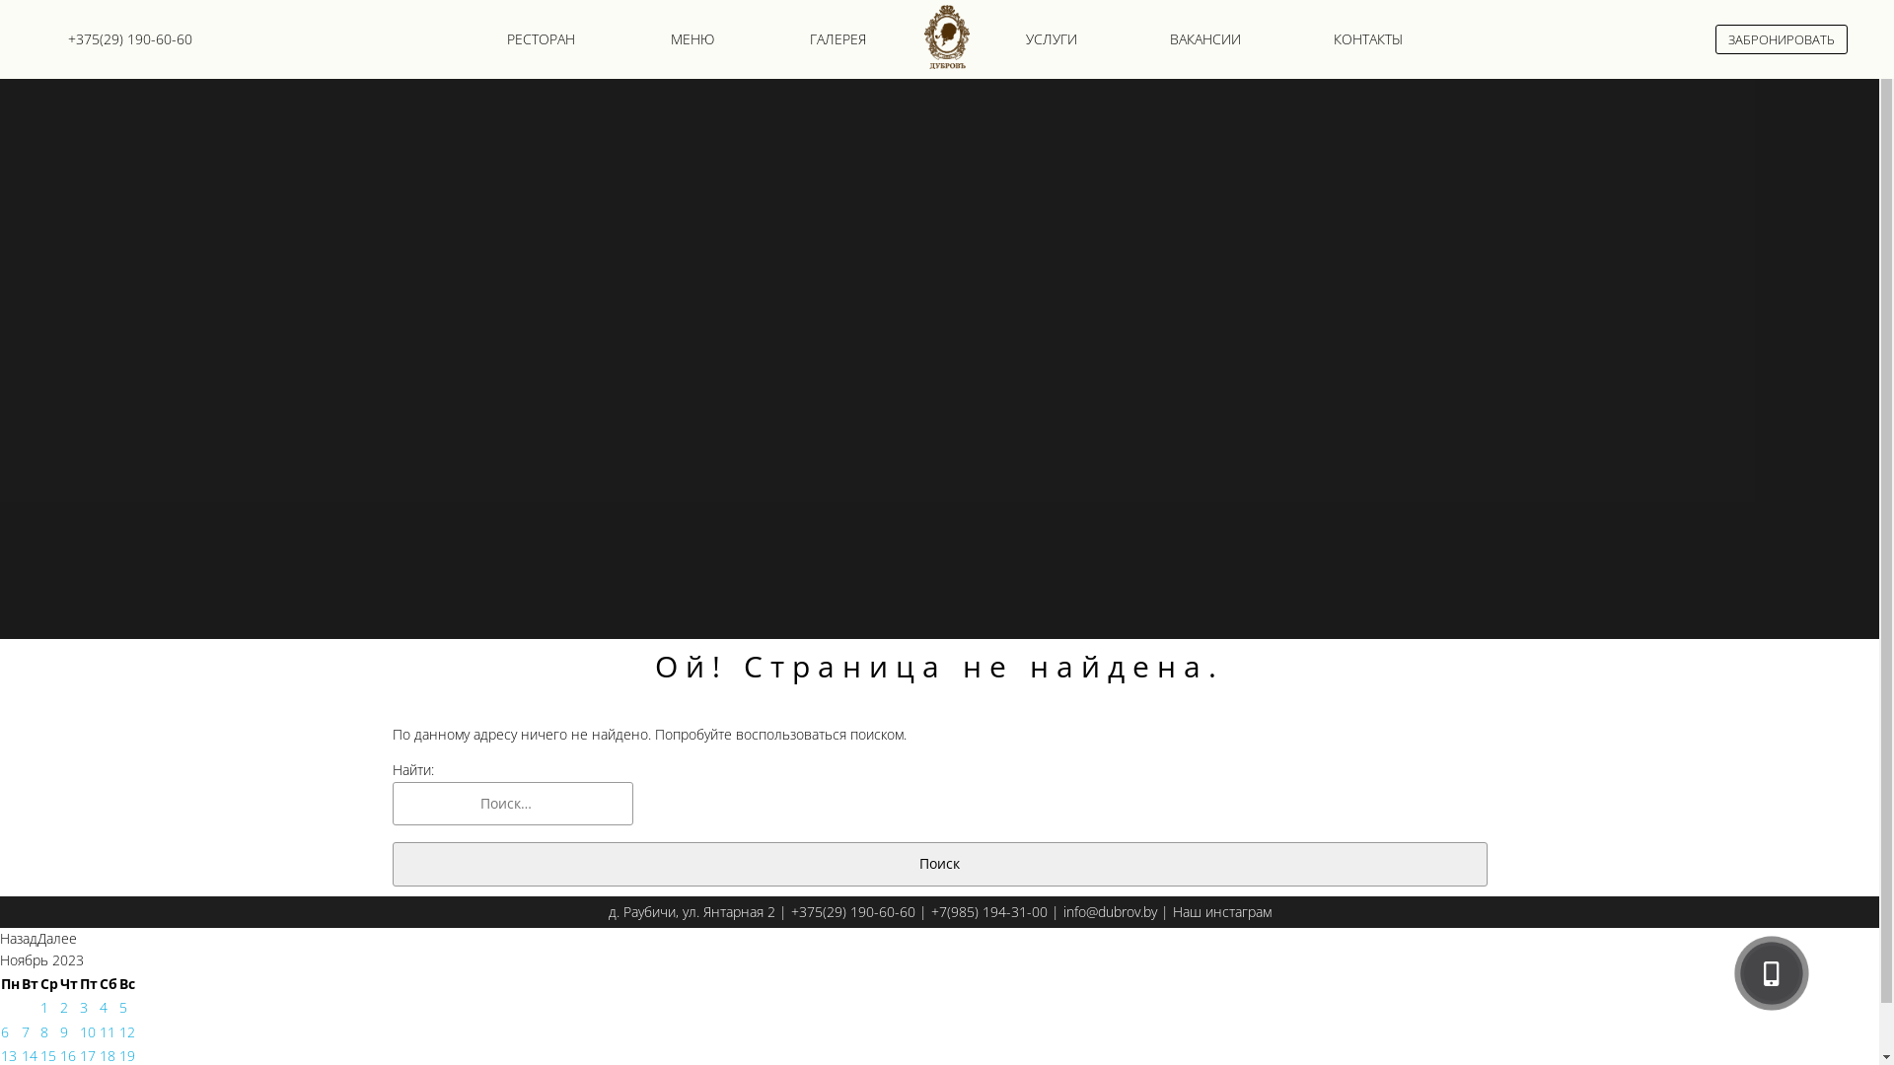  Describe the element at coordinates (83, 1007) in the screenshot. I see `'3'` at that location.